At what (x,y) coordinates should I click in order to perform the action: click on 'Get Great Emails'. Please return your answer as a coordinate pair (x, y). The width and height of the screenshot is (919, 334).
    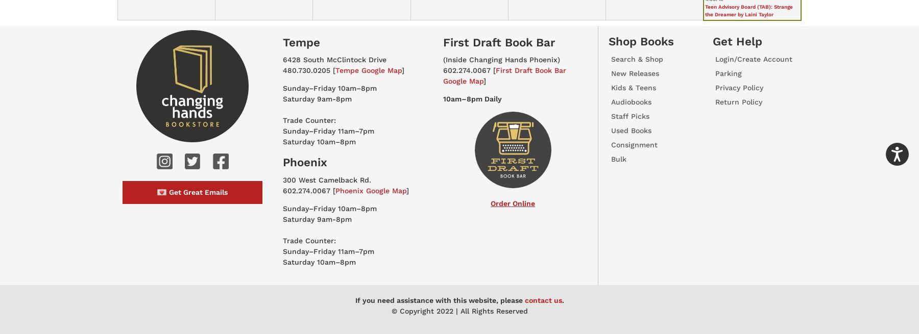
    Looking at the image, I should click on (198, 191).